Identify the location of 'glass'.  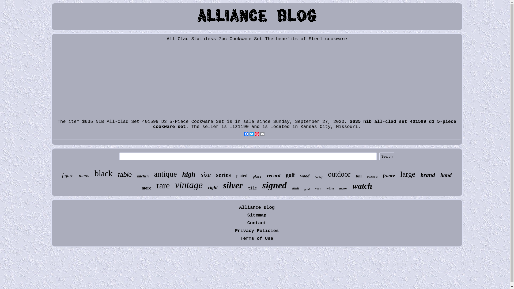
(257, 176).